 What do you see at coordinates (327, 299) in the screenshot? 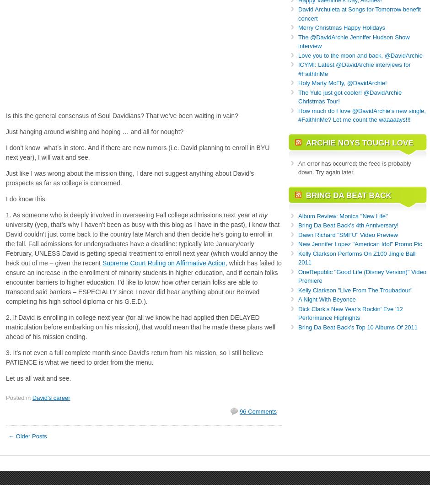
I see `'A Night With Beyonce'` at bounding box center [327, 299].